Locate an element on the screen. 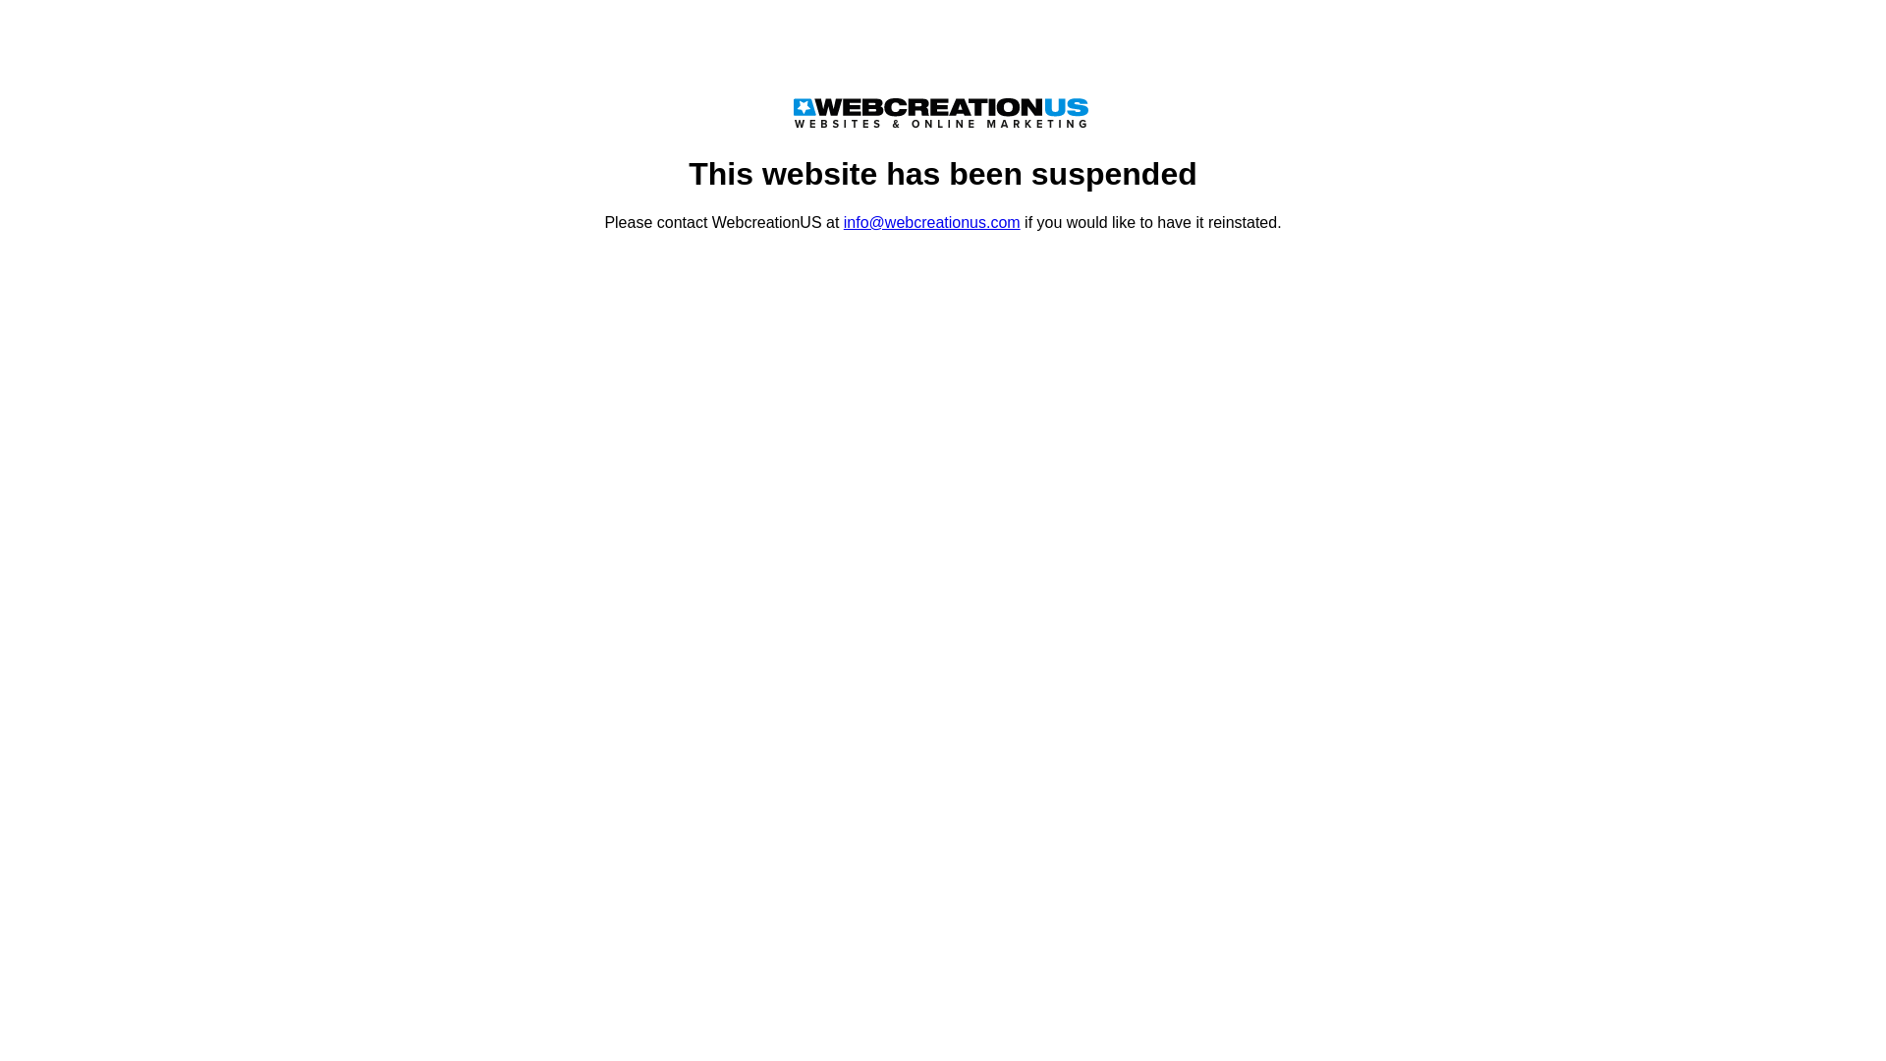  'info@webcreationus.com' is located at coordinates (931, 221).